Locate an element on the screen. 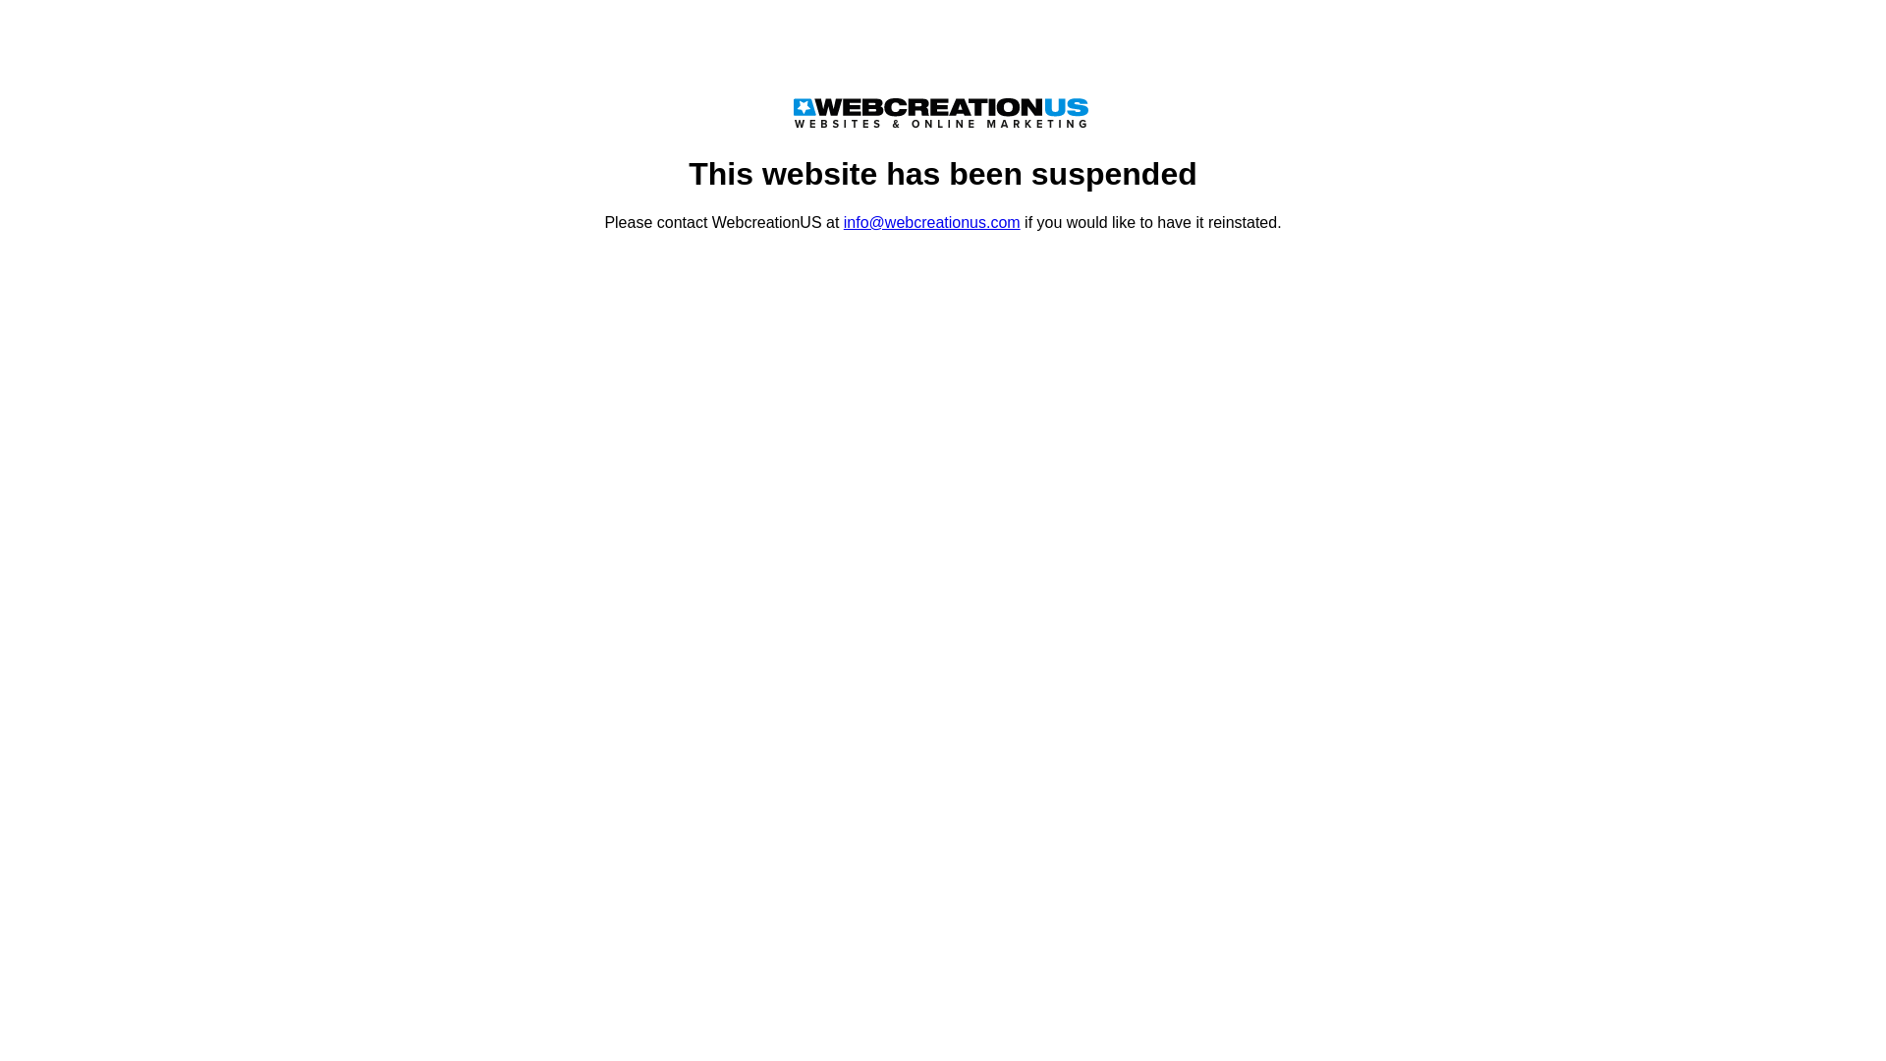  'info@webcreationus.com' is located at coordinates (931, 221).